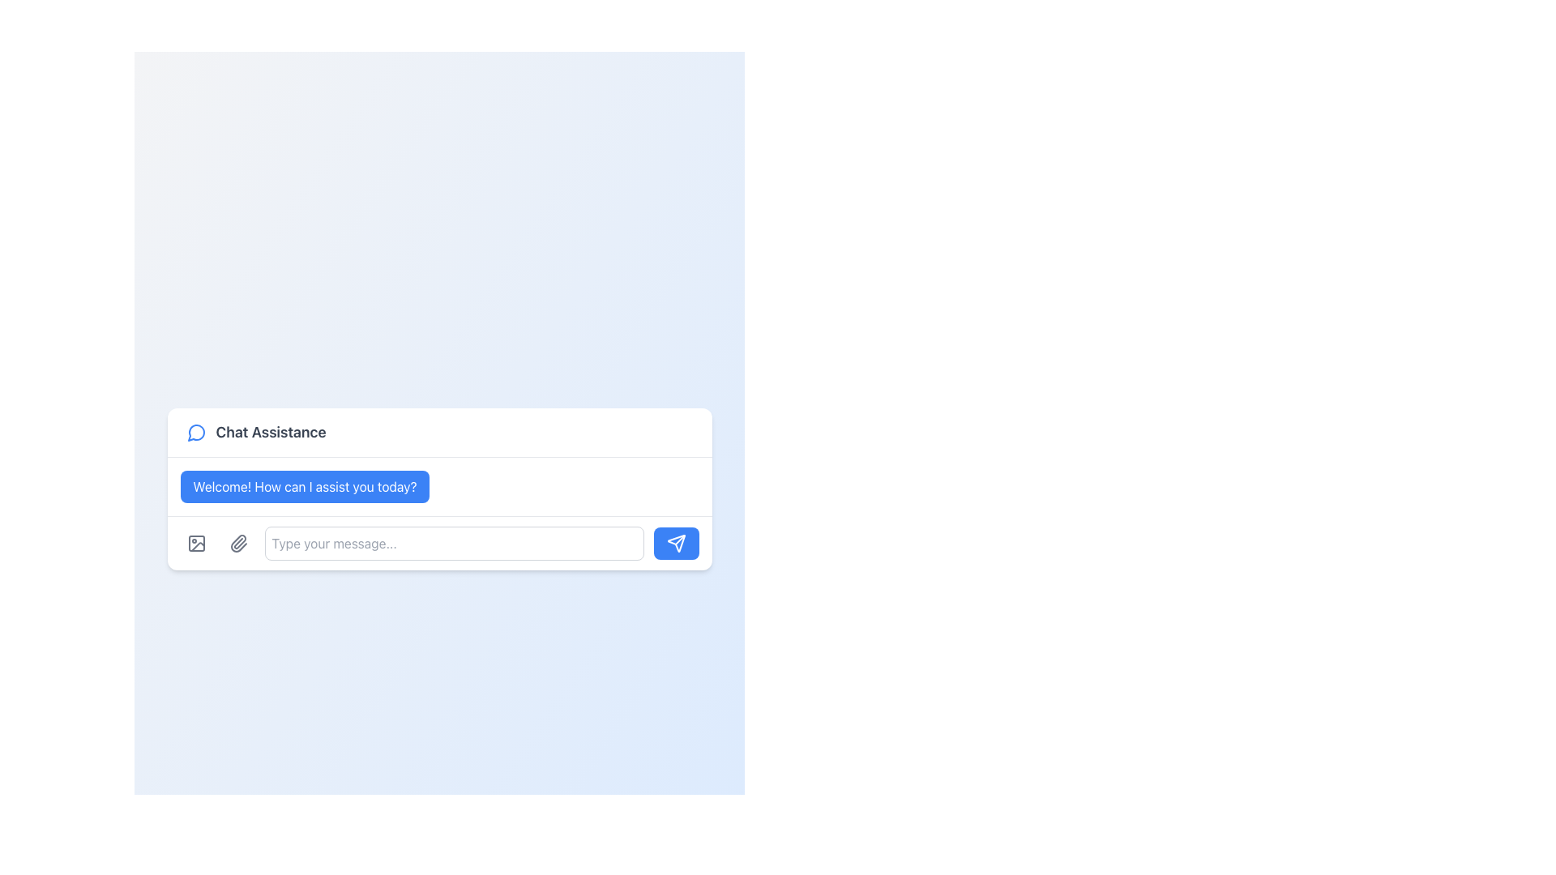  What do you see at coordinates (195, 544) in the screenshot?
I see `the image upload button located on the leftmost section of the input bar at the bottom of the chat interface` at bounding box center [195, 544].